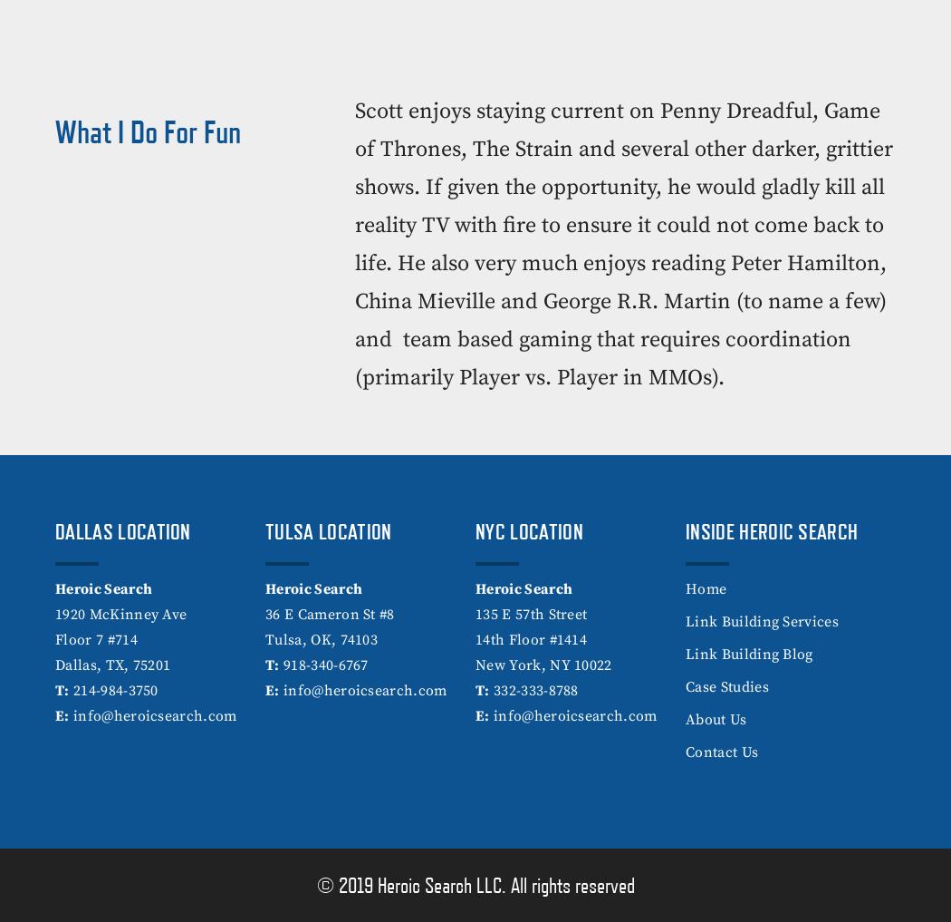 This screenshot has width=951, height=922. I want to click on 'Tulsa, OK, 74103', so click(321, 639).